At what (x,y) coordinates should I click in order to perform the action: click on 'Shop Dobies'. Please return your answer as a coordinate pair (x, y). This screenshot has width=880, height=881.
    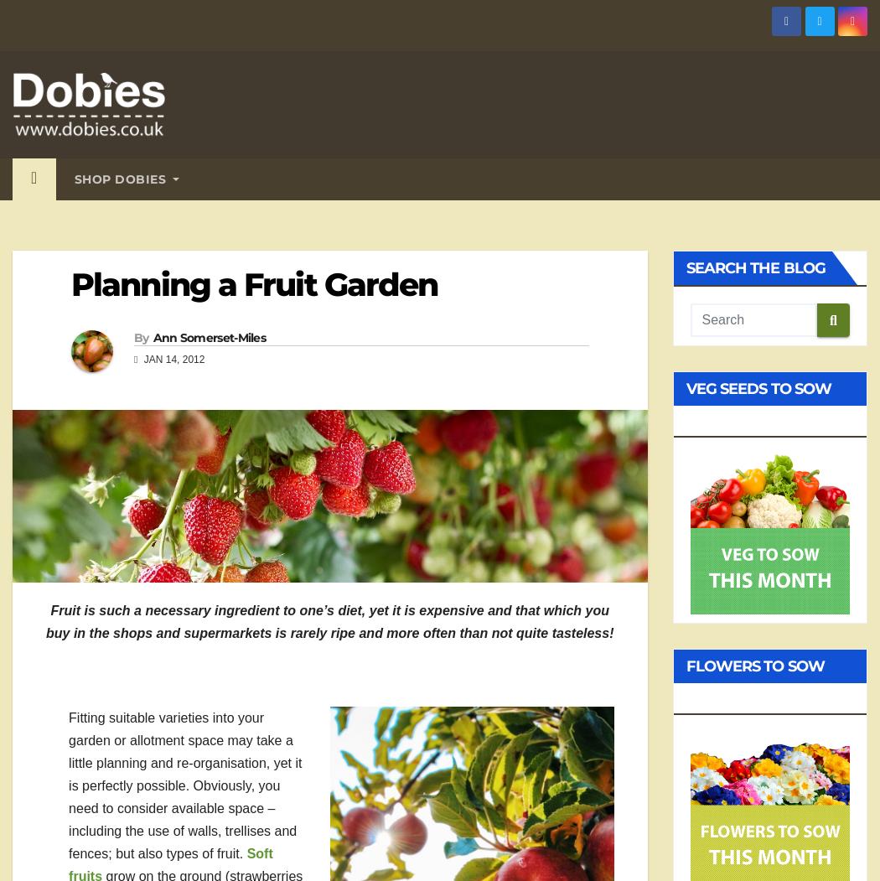
    Looking at the image, I should click on (73, 178).